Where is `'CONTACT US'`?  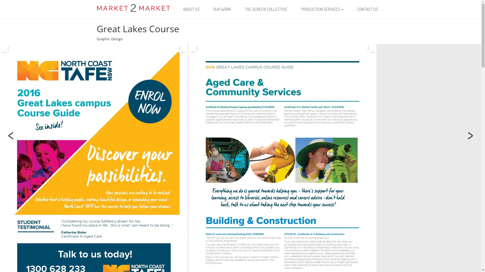
'CONTACT US' is located at coordinates (367, 9).